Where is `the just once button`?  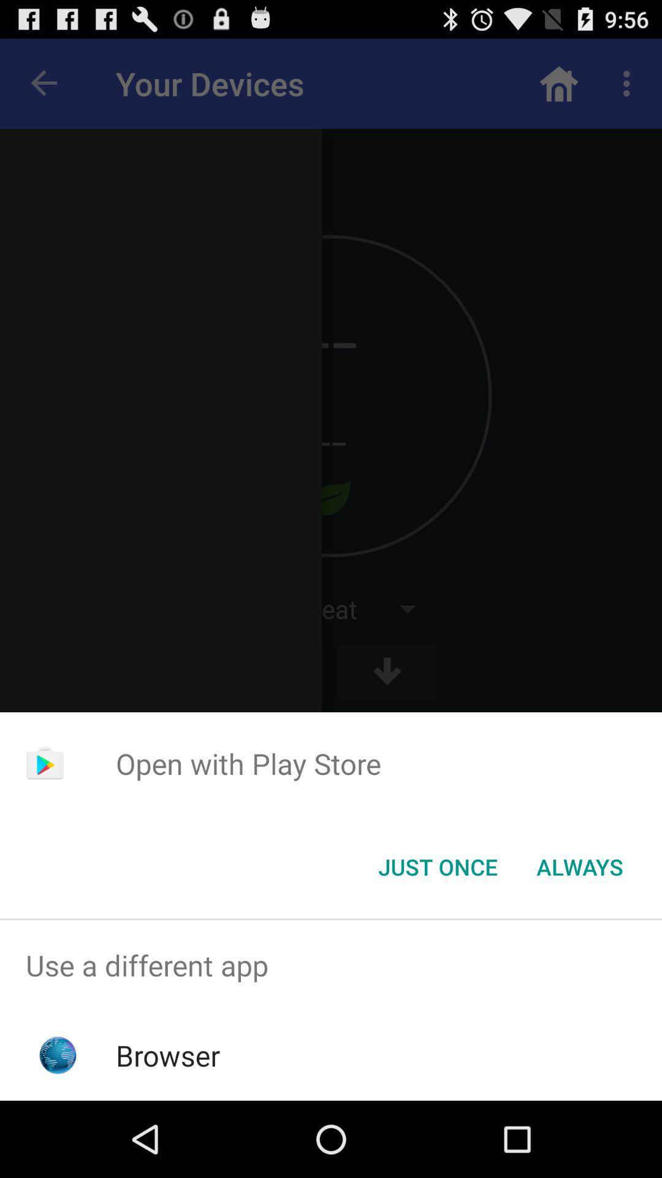
the just once button is located at coordinates (437, 866).